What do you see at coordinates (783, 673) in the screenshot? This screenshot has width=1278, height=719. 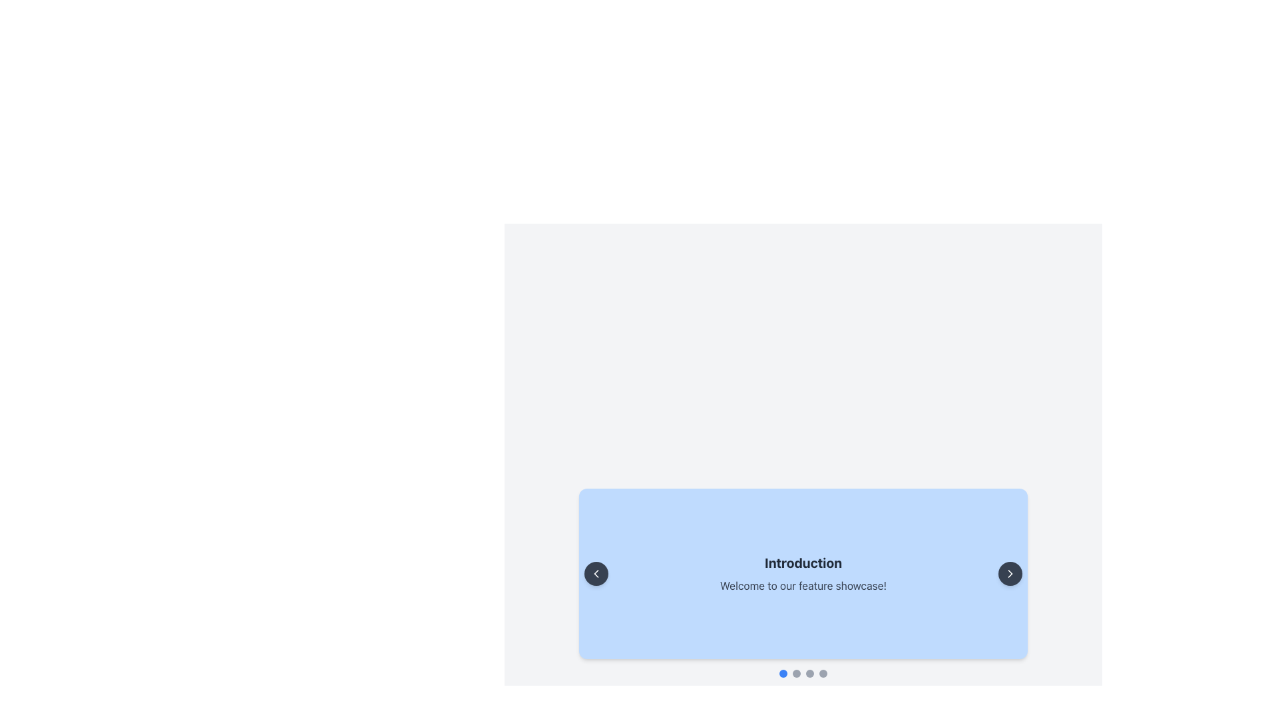 I see `the first pagination indicator at the bottom of the interface` at bounding box center [783, 673].